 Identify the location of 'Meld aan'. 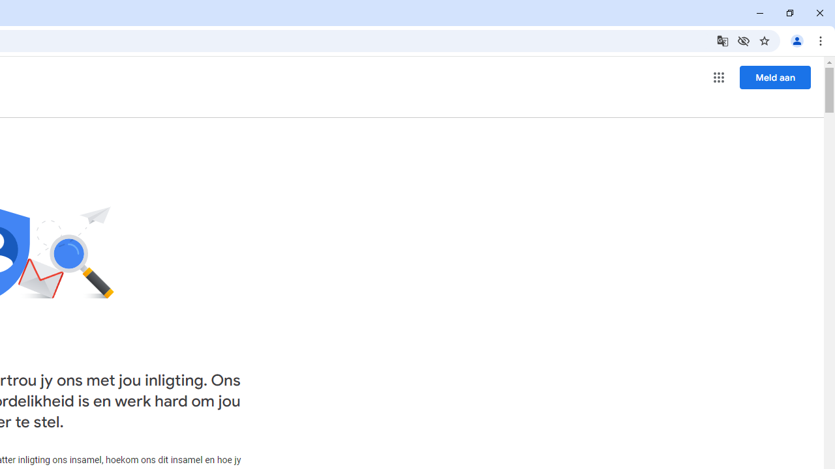
(775, 77).